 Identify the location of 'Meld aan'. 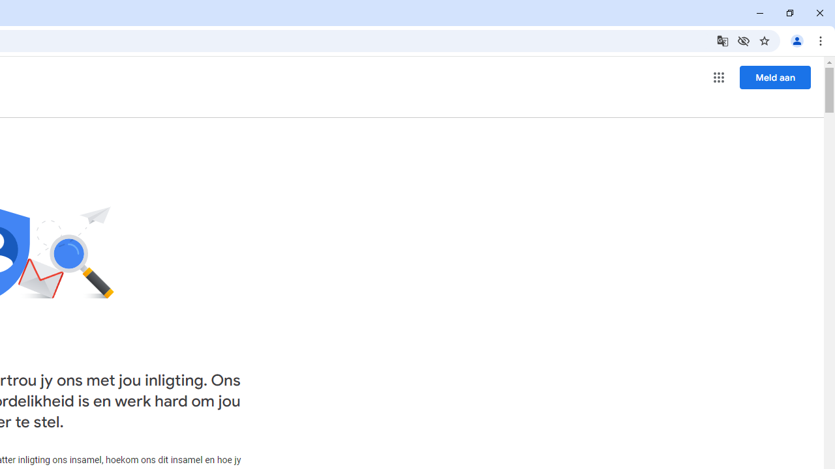
(775, 77).